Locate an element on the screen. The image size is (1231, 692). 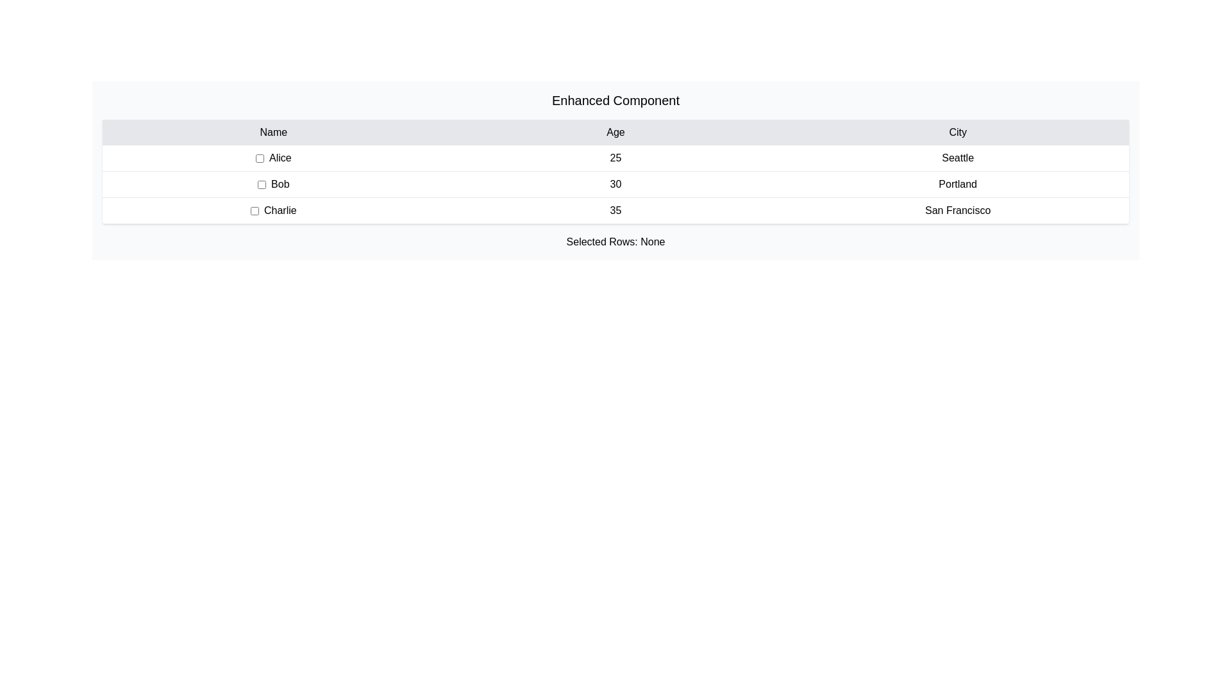
the checkbox located in the third row of the table, preceding the name 'Charlie' is located at coordinates (255, 210).